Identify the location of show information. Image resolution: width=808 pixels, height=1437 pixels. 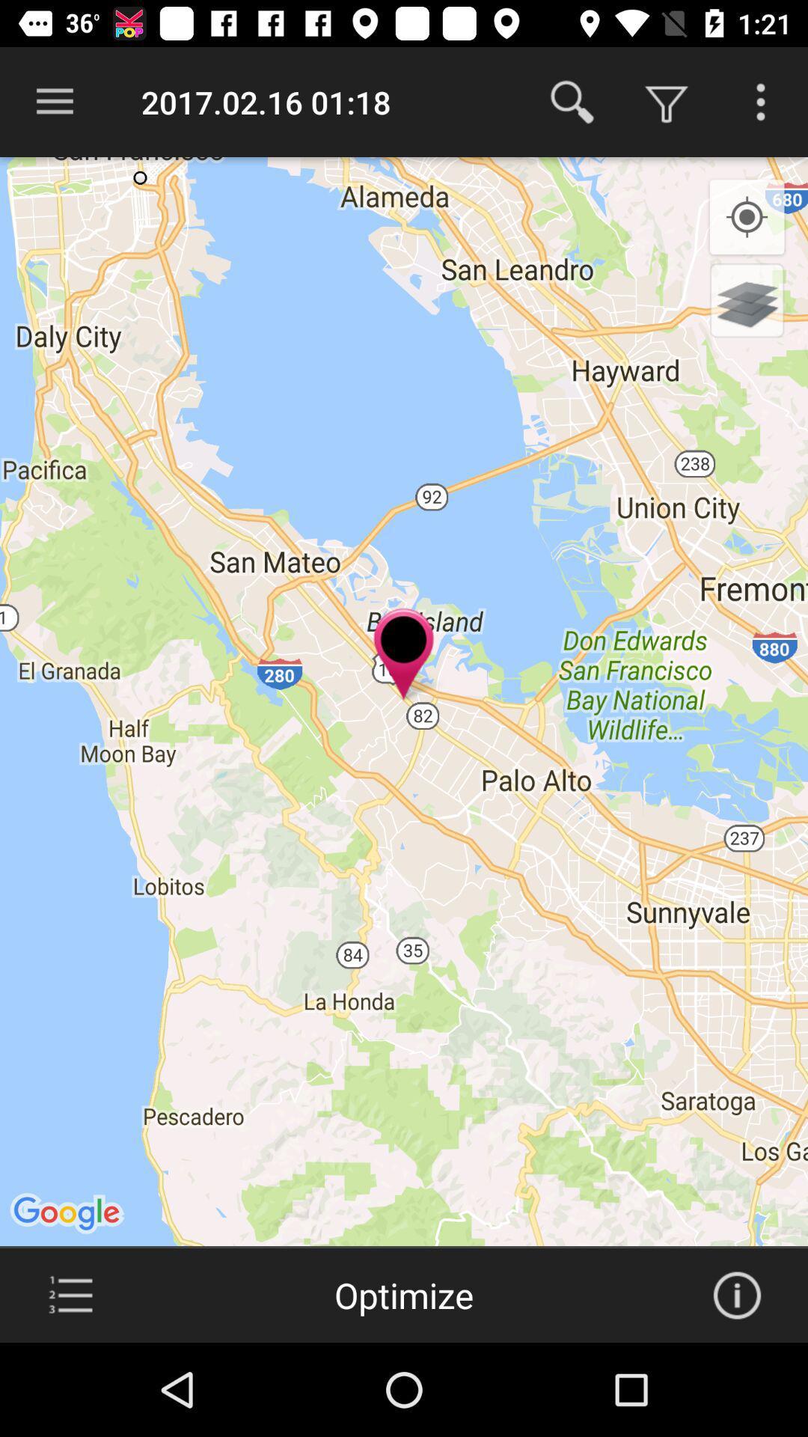
(736, 1295).